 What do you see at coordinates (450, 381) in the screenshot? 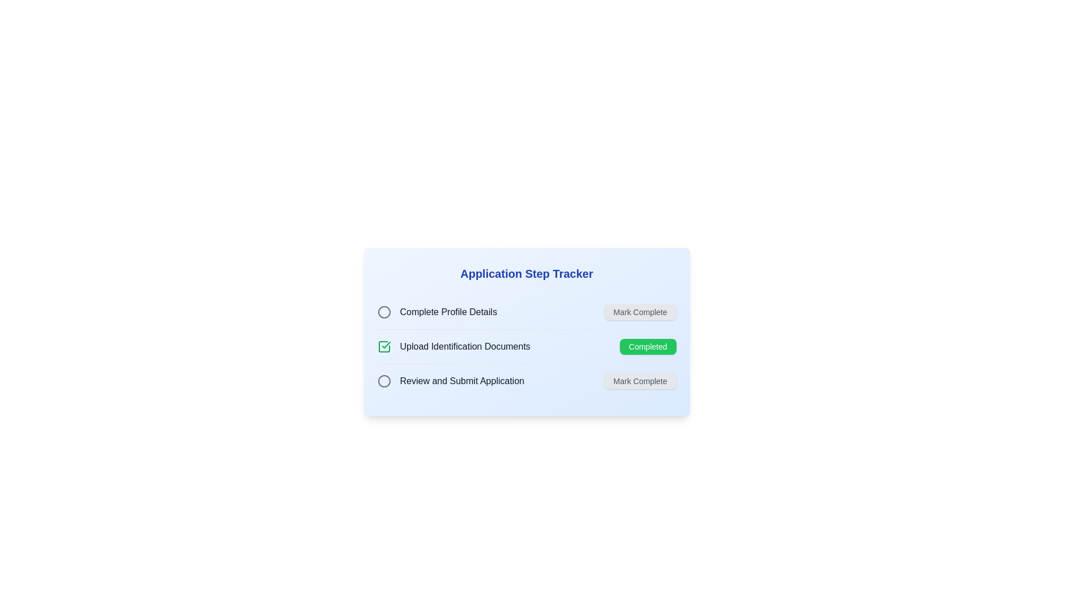
I see `the 'Review and Submit Application' progress step item in the Application Step Tracker to mark the step as complete` at bounding box center [450, 381].